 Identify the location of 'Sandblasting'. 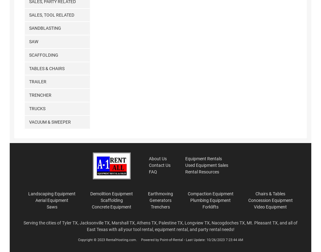
(29, 28).